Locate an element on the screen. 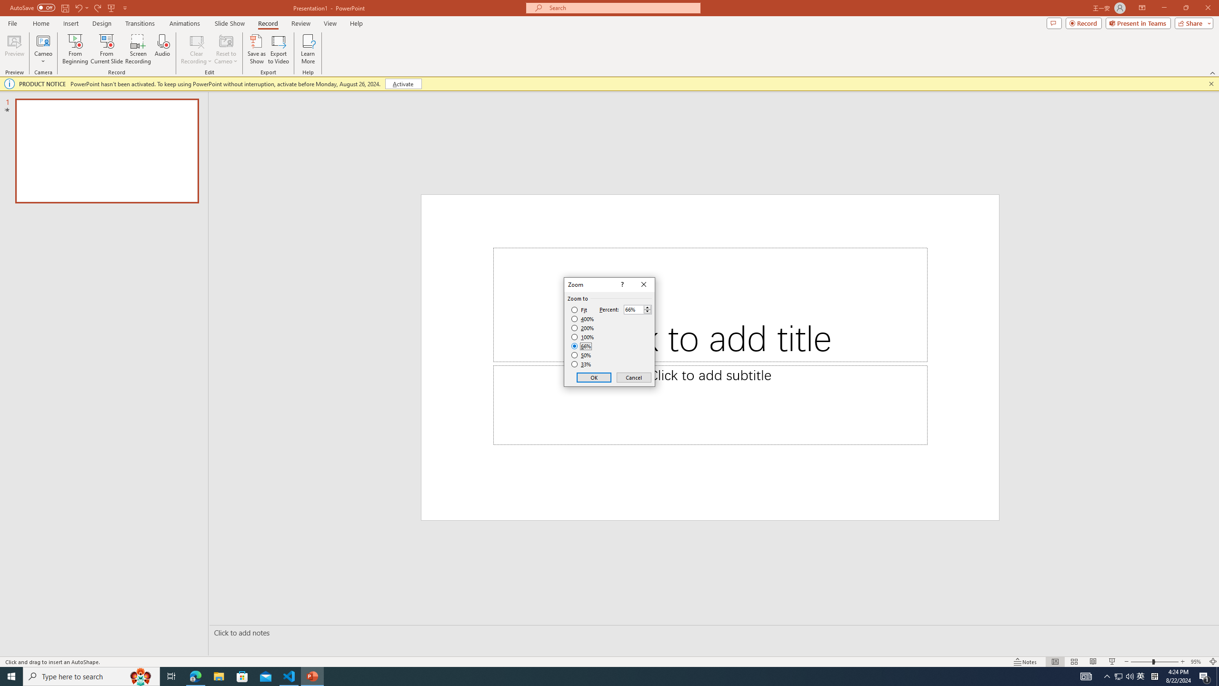 The height and width of the screenshot is (686, 1219). 'Export to Video' is located at coordinates (278, 49).